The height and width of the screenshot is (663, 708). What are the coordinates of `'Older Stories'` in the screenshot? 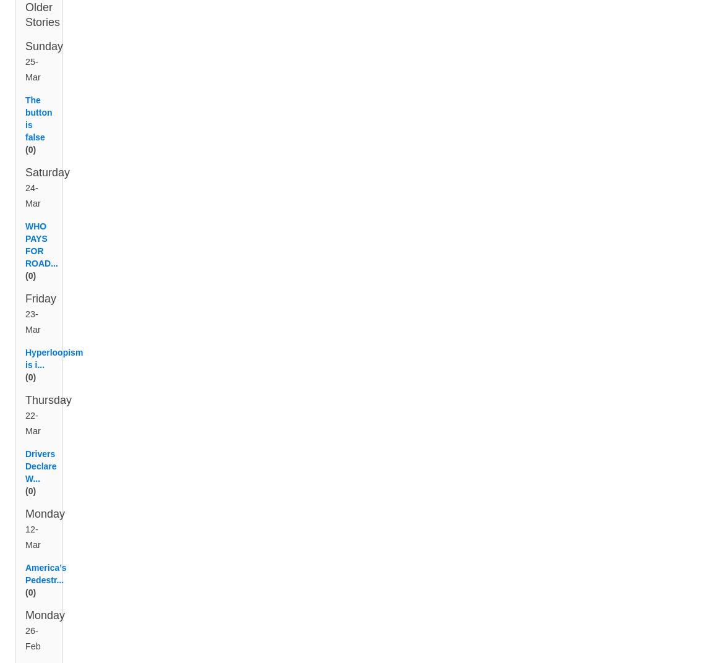 It's located at (25, 29).